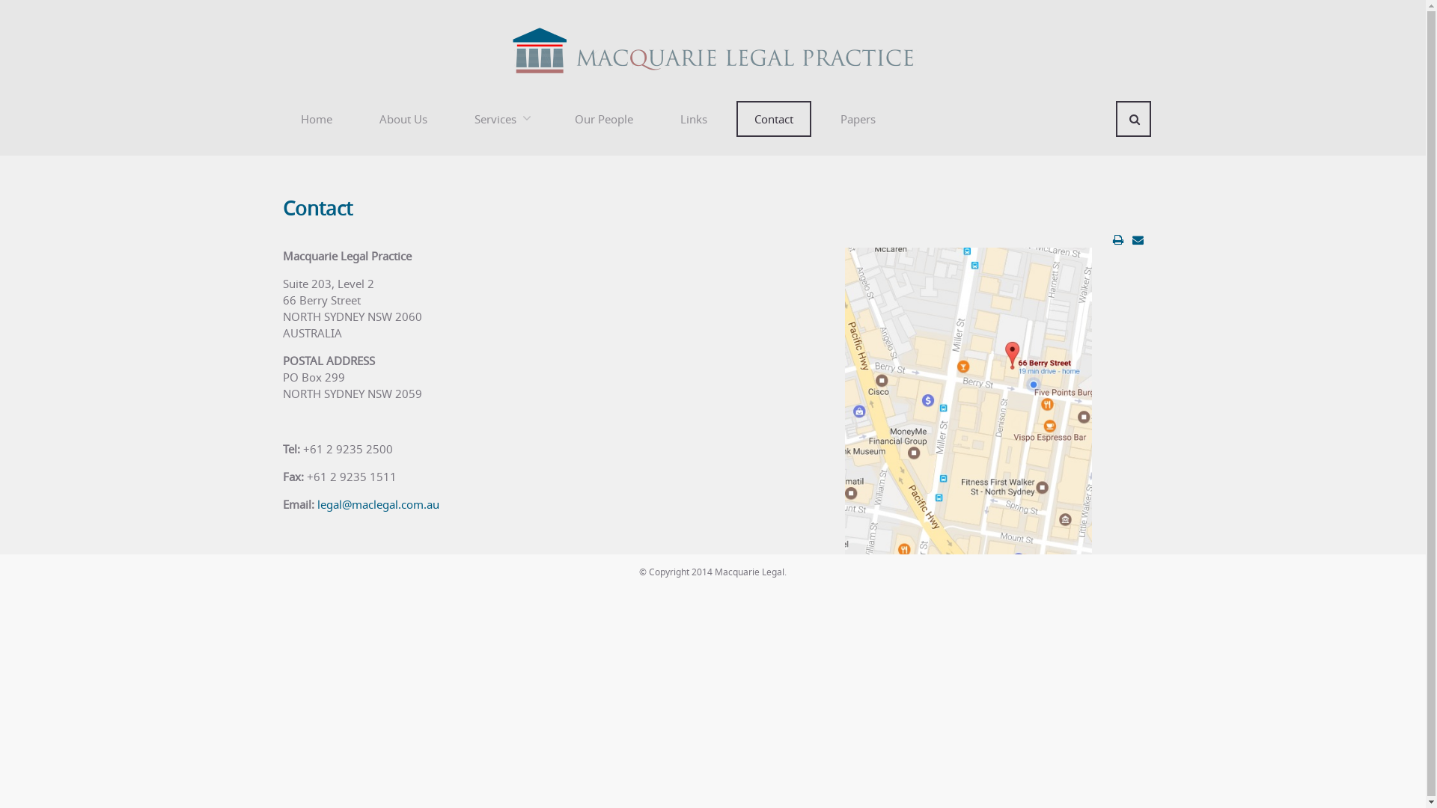 Image resolution: width=1437 pixels, height=808 pixels. What do you see at coordinates (692, 117) in the screenshot?
I see `'Links'` at bounding box center [692, 117].